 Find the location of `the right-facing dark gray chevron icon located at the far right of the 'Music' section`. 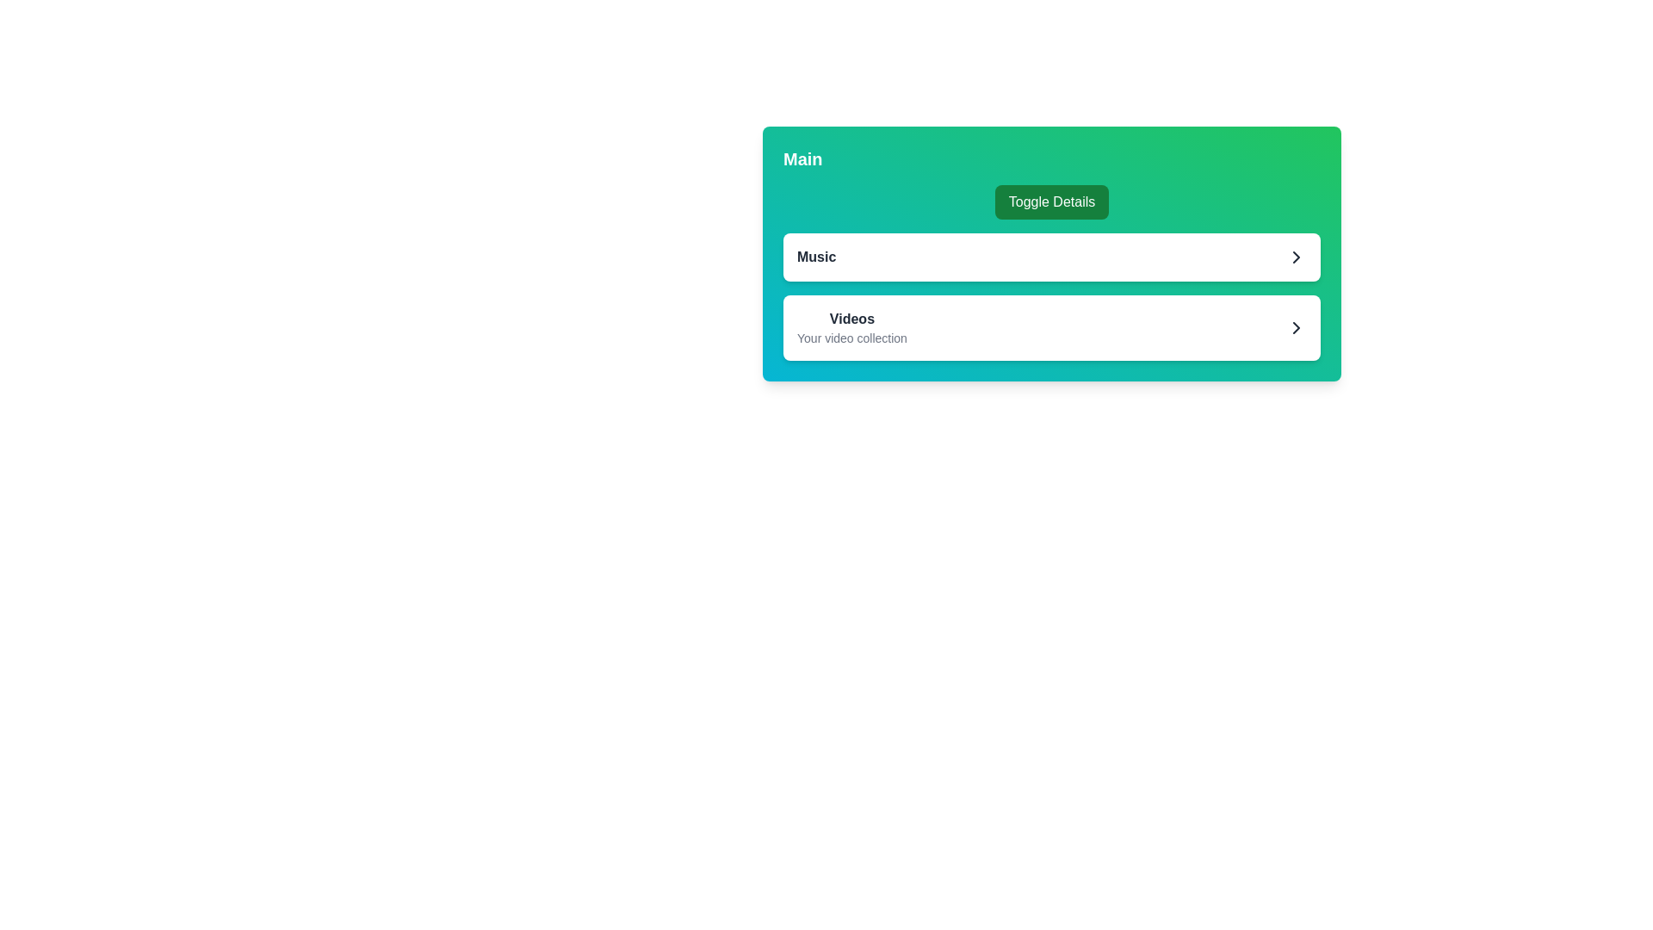

the right-facing dark gray chevron icon located at the far right of the 'Music' section is located at coordinates (1297, 257).